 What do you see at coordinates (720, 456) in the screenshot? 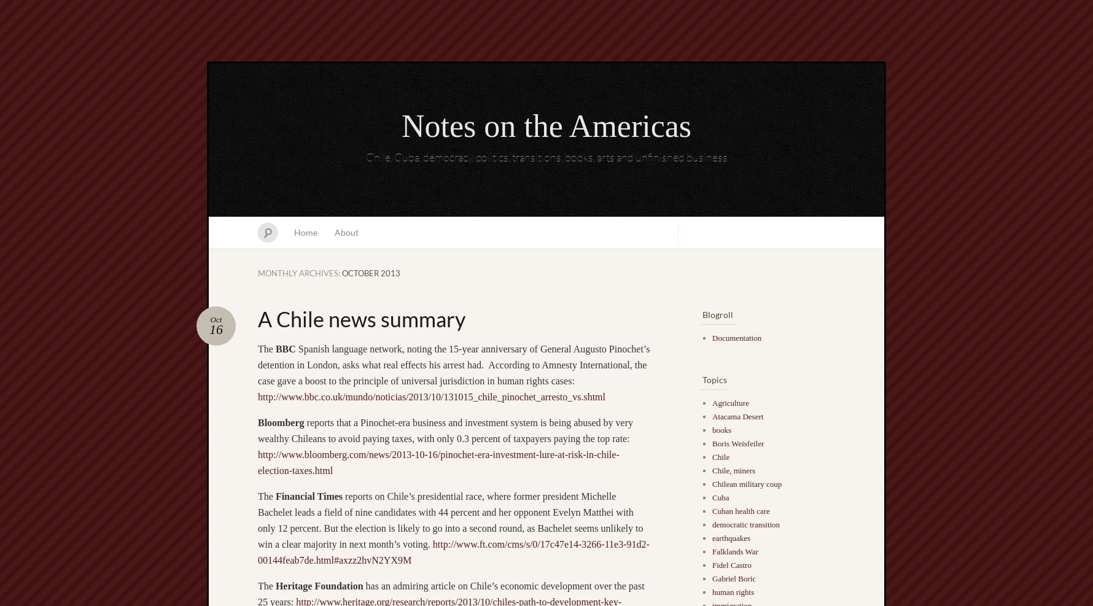
I see `'Chile'` at bounding box center [720, 456].